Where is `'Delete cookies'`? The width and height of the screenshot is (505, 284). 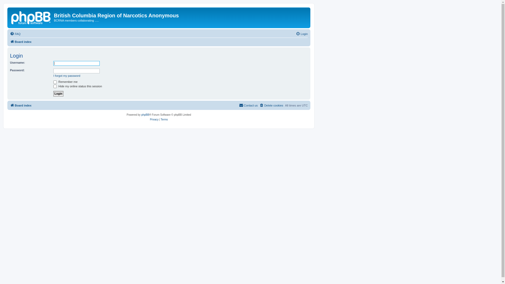 'Delete cookies' is located at coordinates (271, 105).